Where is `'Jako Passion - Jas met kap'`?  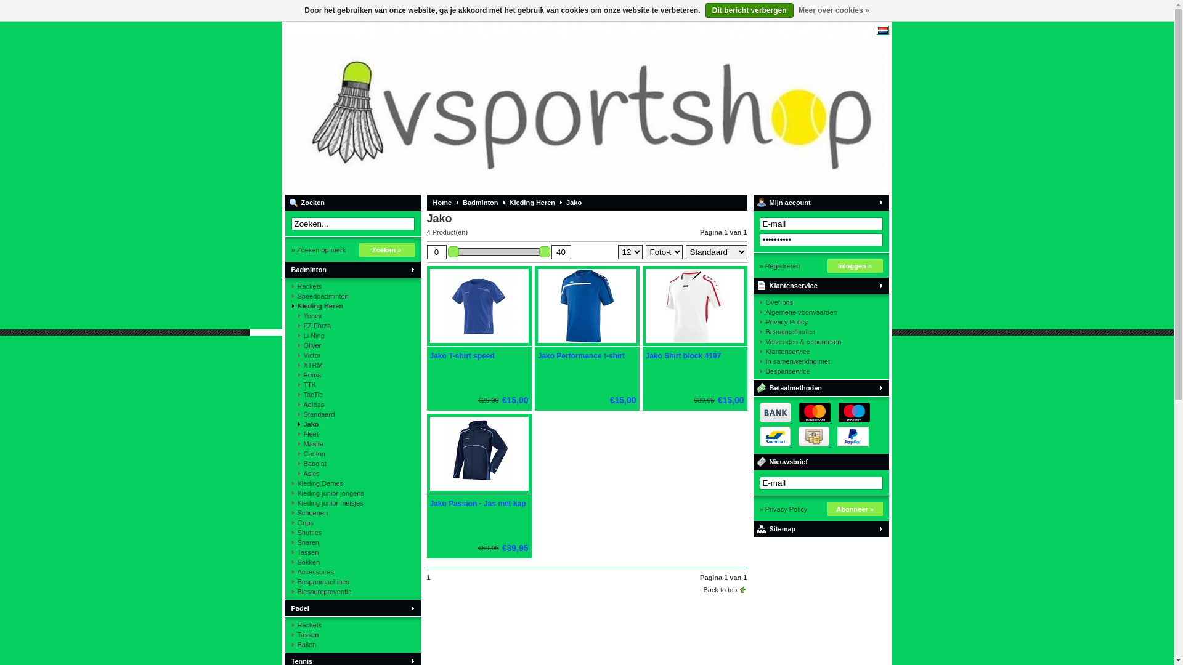 'Jako Passion - Jas met kap' is located at coordinates (429, 503).